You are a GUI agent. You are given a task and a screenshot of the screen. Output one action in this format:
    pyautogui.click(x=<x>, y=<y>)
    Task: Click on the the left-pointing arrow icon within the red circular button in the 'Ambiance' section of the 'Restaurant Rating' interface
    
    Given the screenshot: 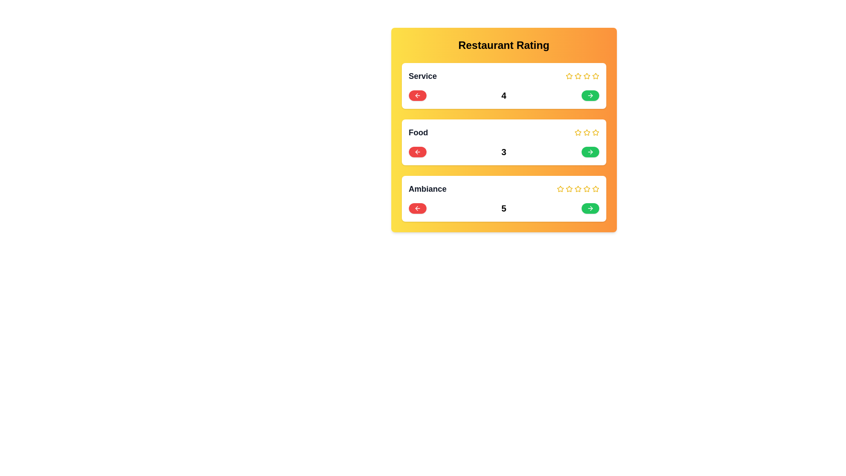 What is the action you would take?
    pyautogui.click(x=417, y=208)
    